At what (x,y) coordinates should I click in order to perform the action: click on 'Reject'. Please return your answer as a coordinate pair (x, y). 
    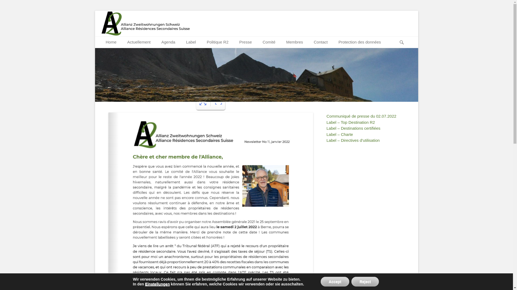
    Looking at the image, I should click on (365, 281).